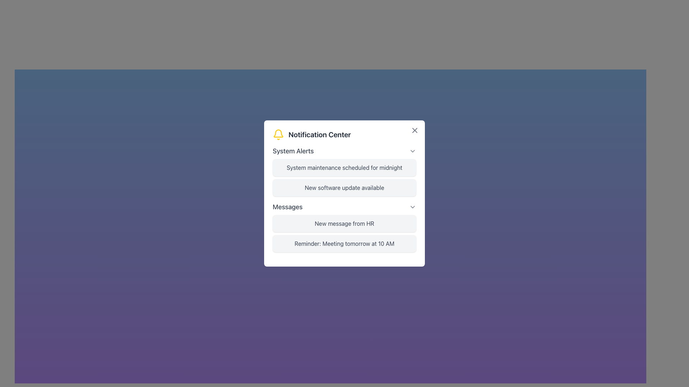 This screenshot has height=387, width=689. Describe the element at coordinates (287, 207) in the screenshot. I see `the 'Messages' heading text label in the Notification Center, which is positioned under the 'System Alerts' heading and above a dropdown arrow symbol` at that location.